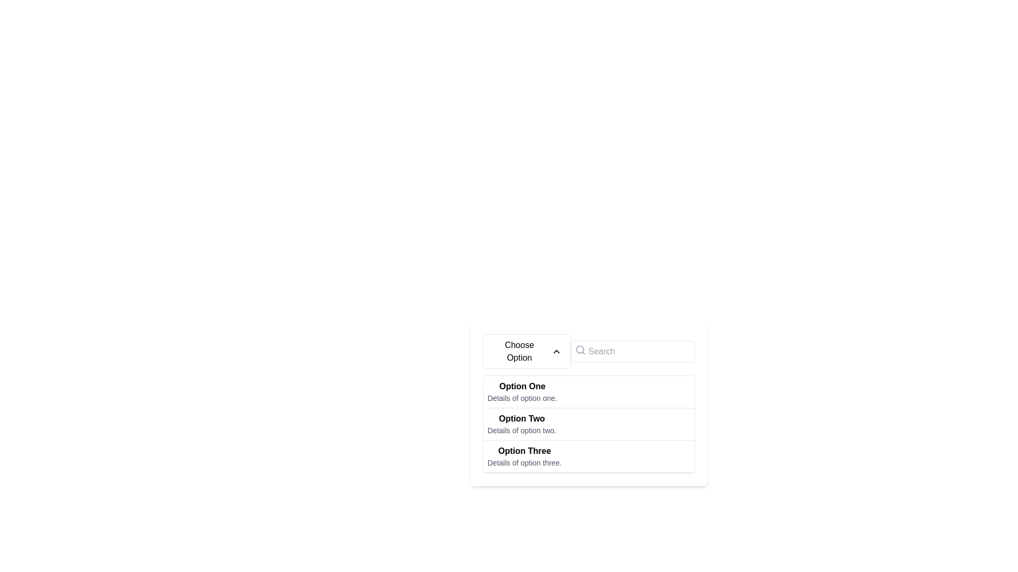 Image resolution: width=1018 pixels, height=572 pixels. I want to click on the non-interactive Text Label that provides additional information for 'Option Two', located in the second row of the dropdown list, so click(522, 431).